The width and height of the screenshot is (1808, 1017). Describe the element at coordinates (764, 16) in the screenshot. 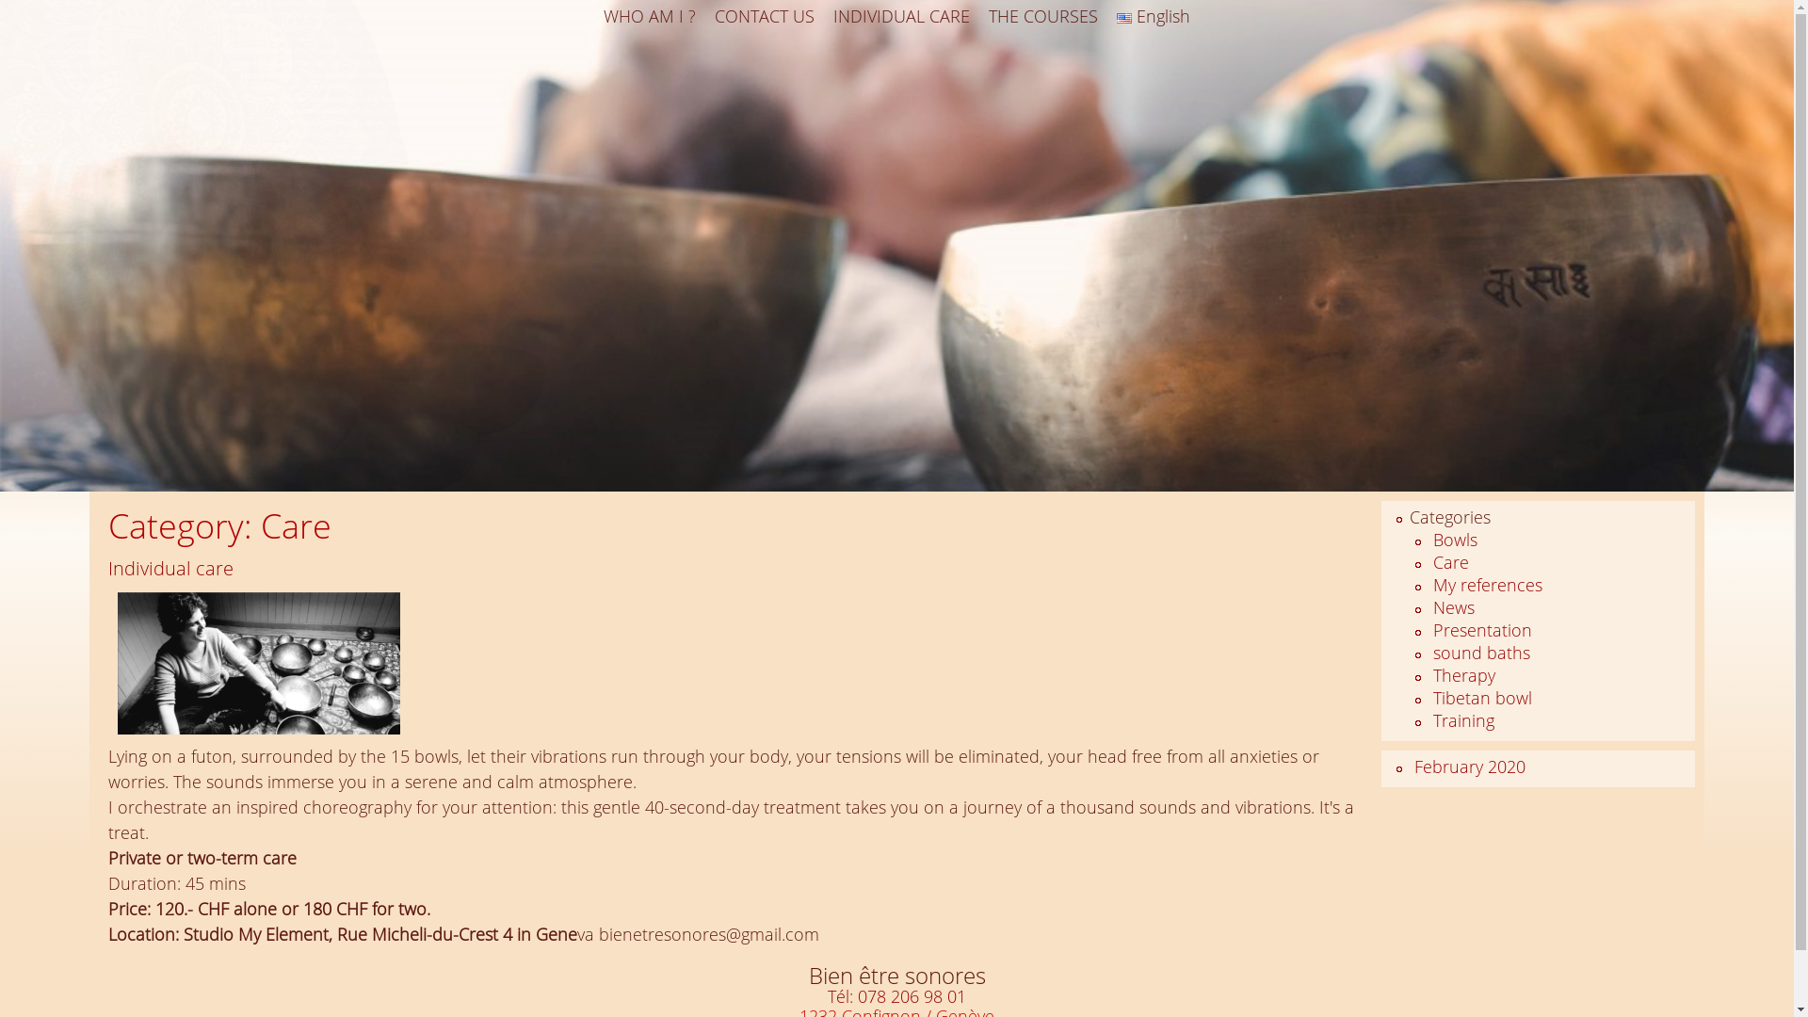

I see `'CONTACT US'` at that location.